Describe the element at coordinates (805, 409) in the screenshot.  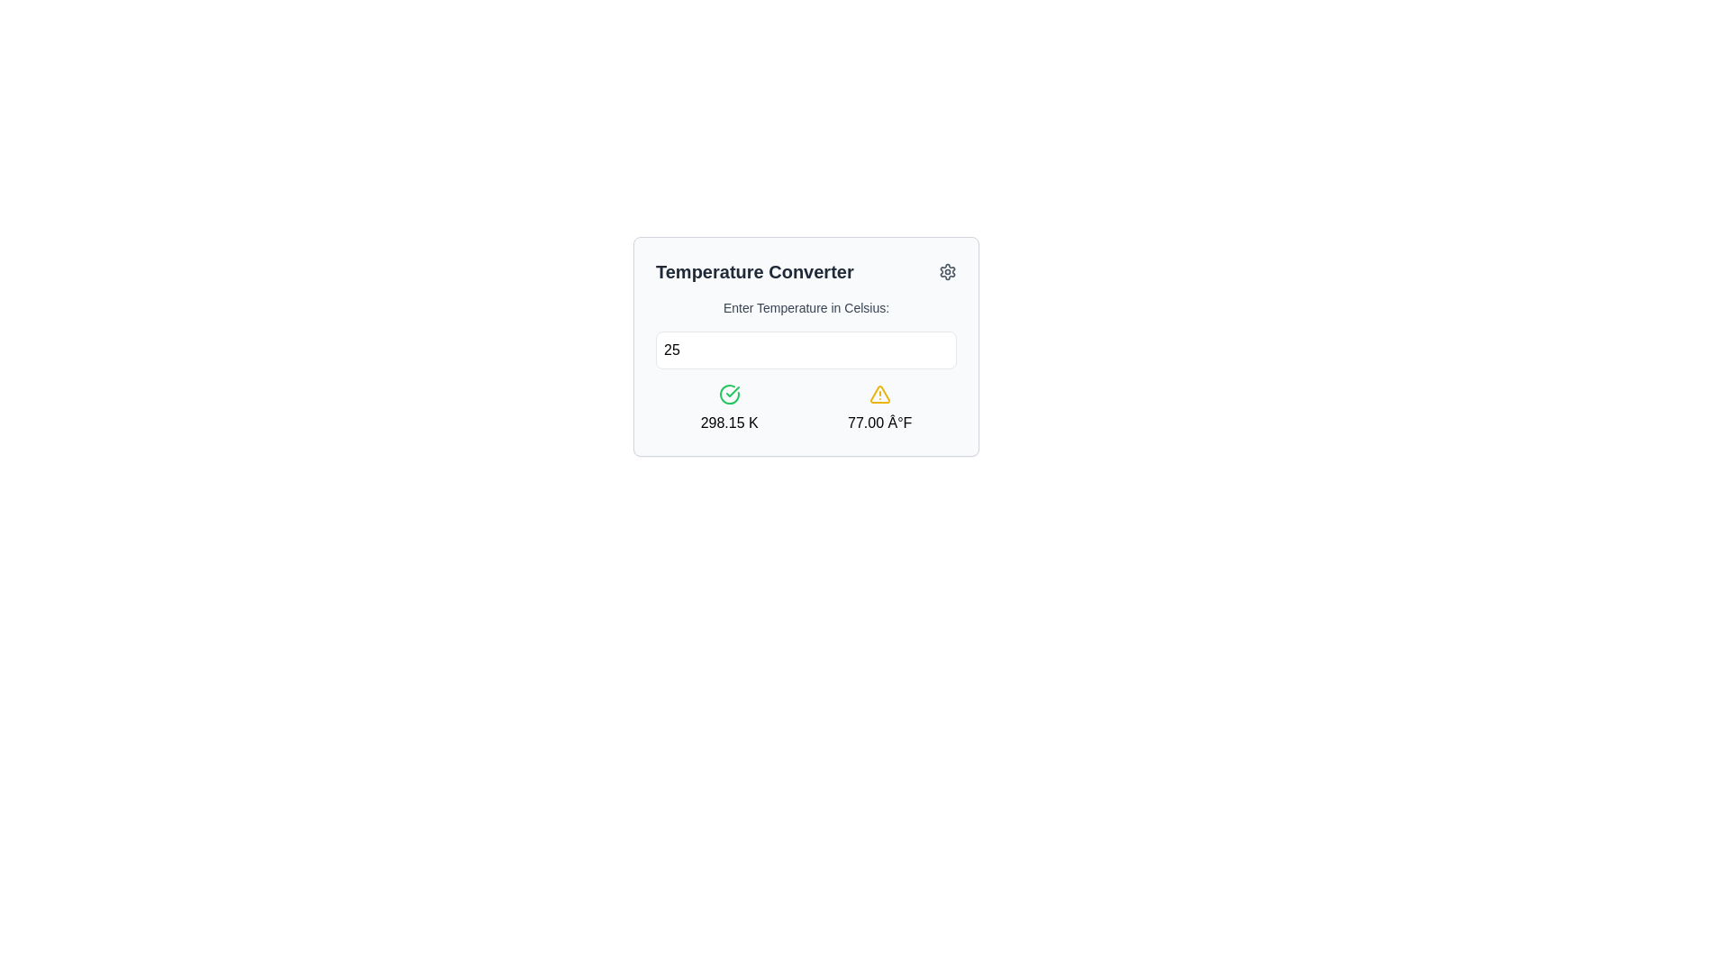
I see `the informational display that shows converted temperature values, which includes a green checkmark and a yellow warning triangle` at that location.